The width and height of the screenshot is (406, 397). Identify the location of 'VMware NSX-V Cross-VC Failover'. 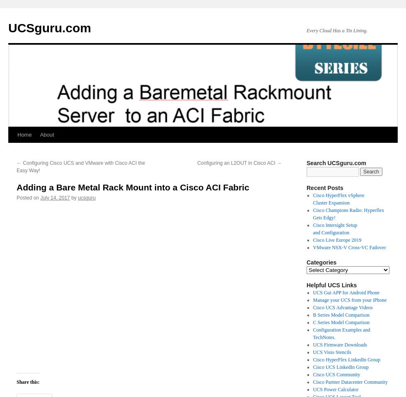
(349, 247).